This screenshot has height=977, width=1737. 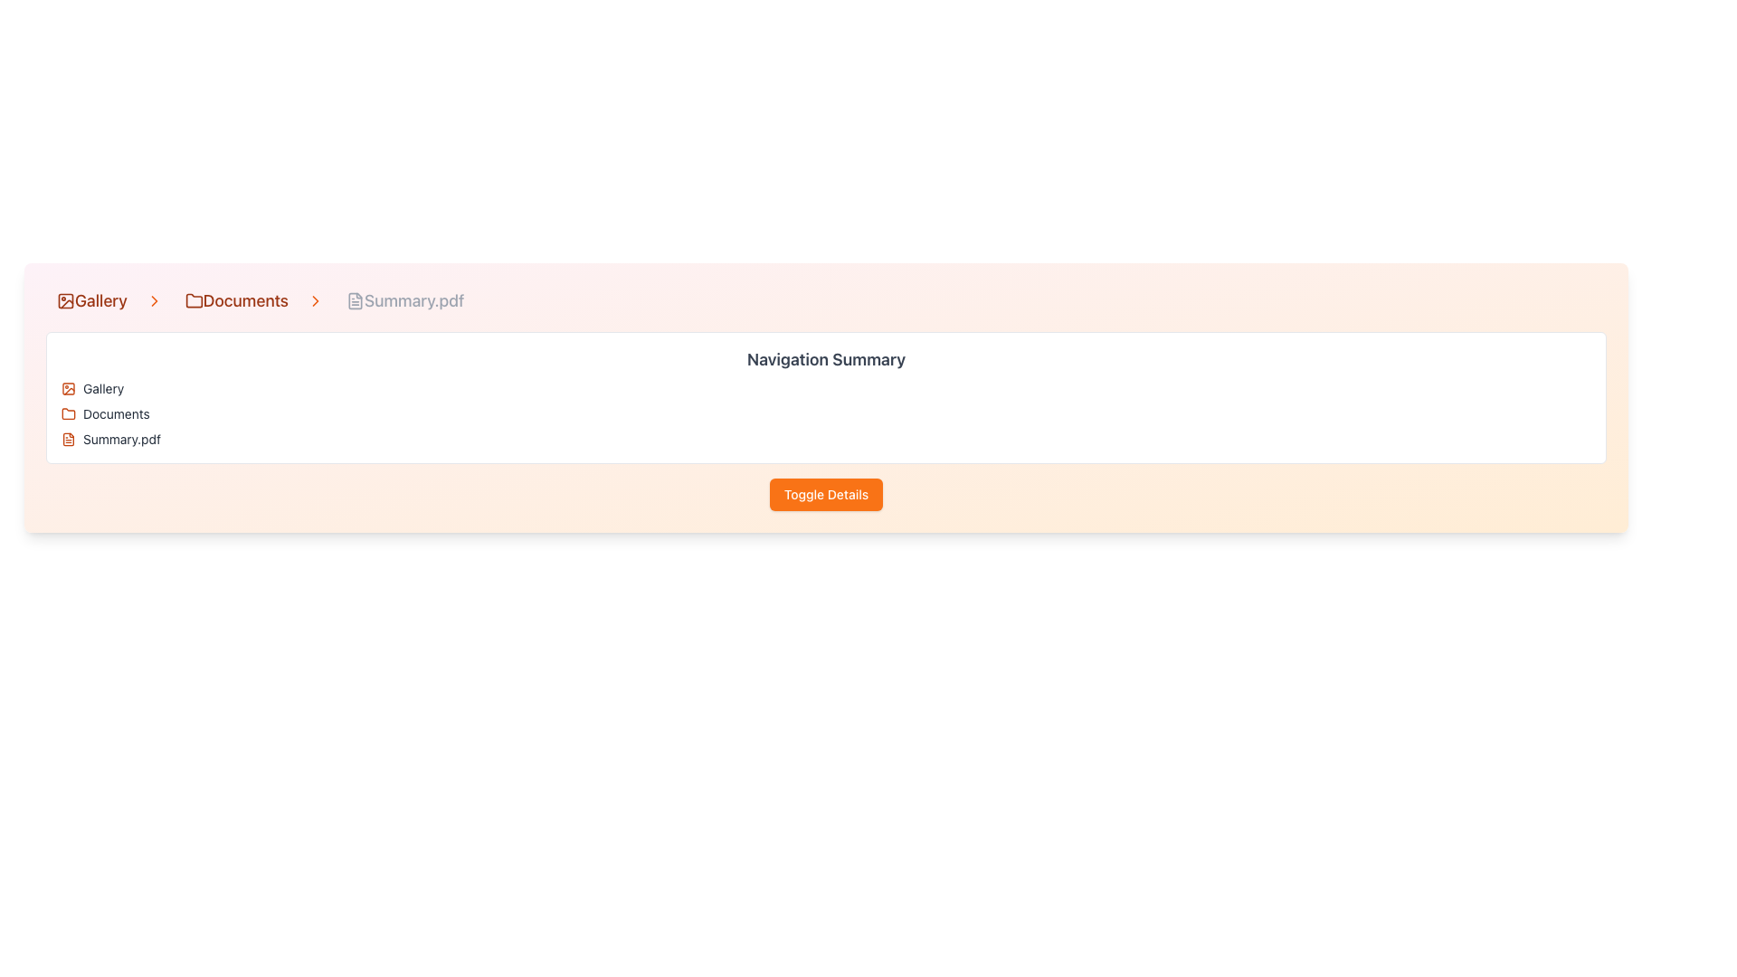 What do you see at coordinates (403, 299) in the screenshot?
I see `the breadcrumb link following 'Documents' in the top navigation breadcrumb bar` at bounding box center [403, 299].